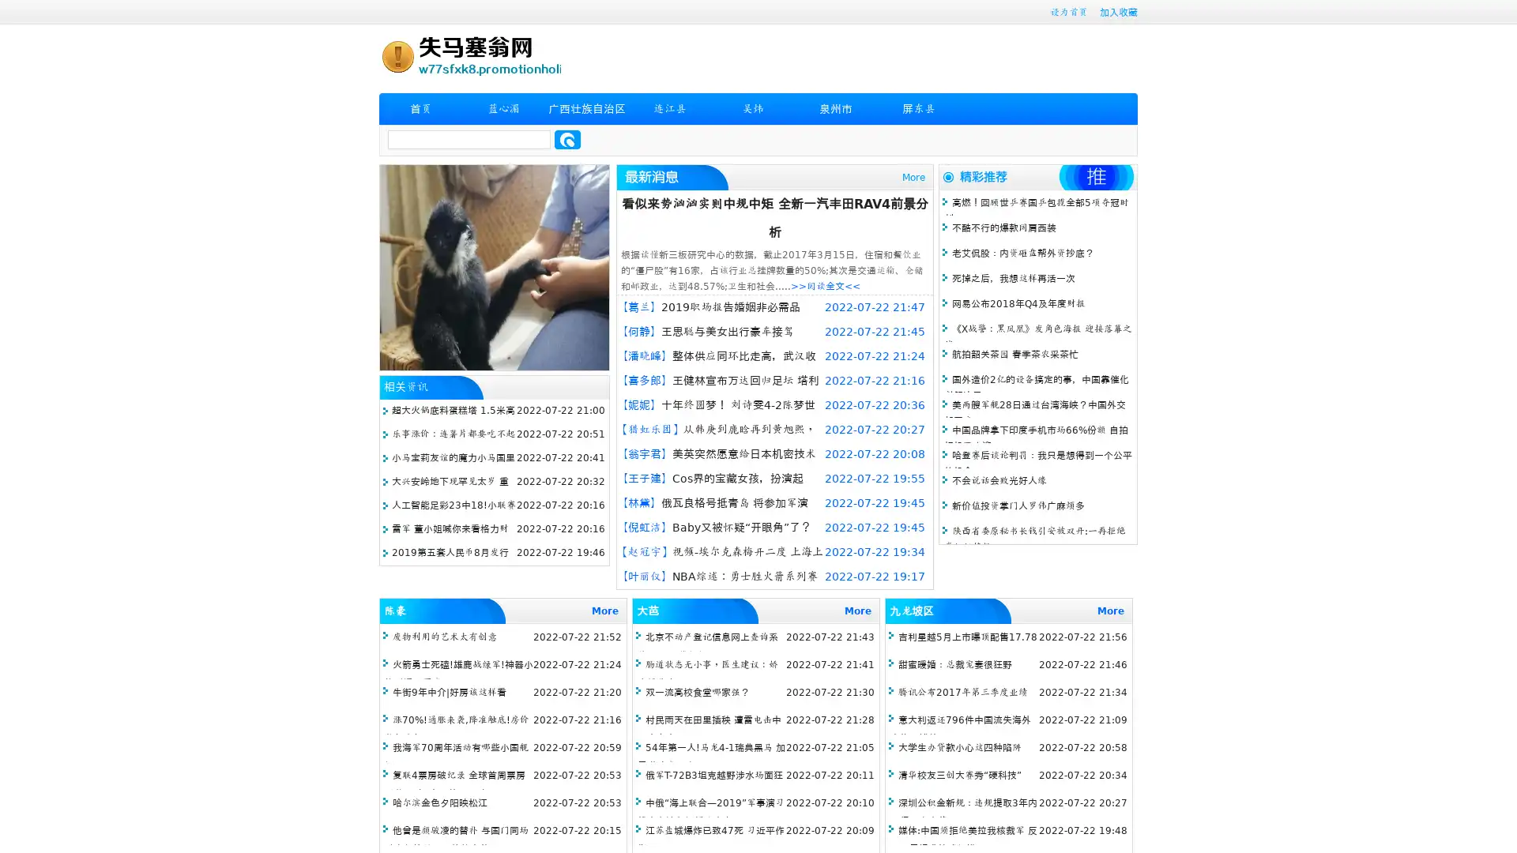  What do you see at coordinates (567, 139) in the screenshot?
I see `Search` at bounding box center [567, 139].